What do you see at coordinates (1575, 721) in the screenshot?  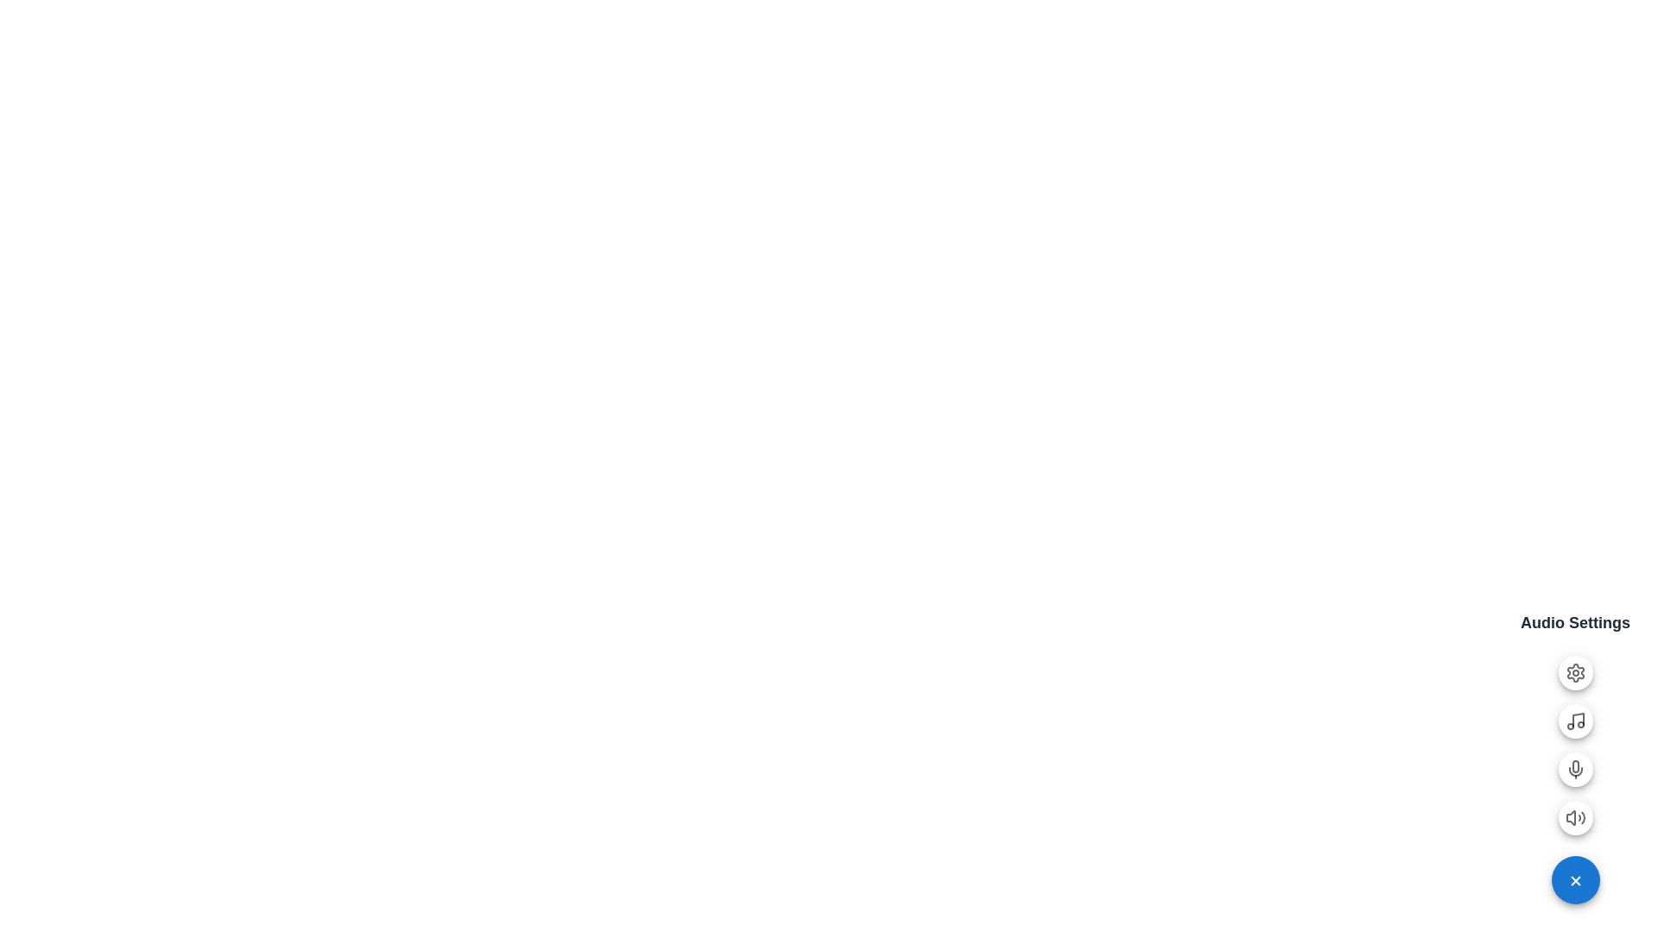 I see `the music or audio icon button located in the second position of the vertical row of circular buttons on the right side of the interface` at bounding box center [1575, 721].